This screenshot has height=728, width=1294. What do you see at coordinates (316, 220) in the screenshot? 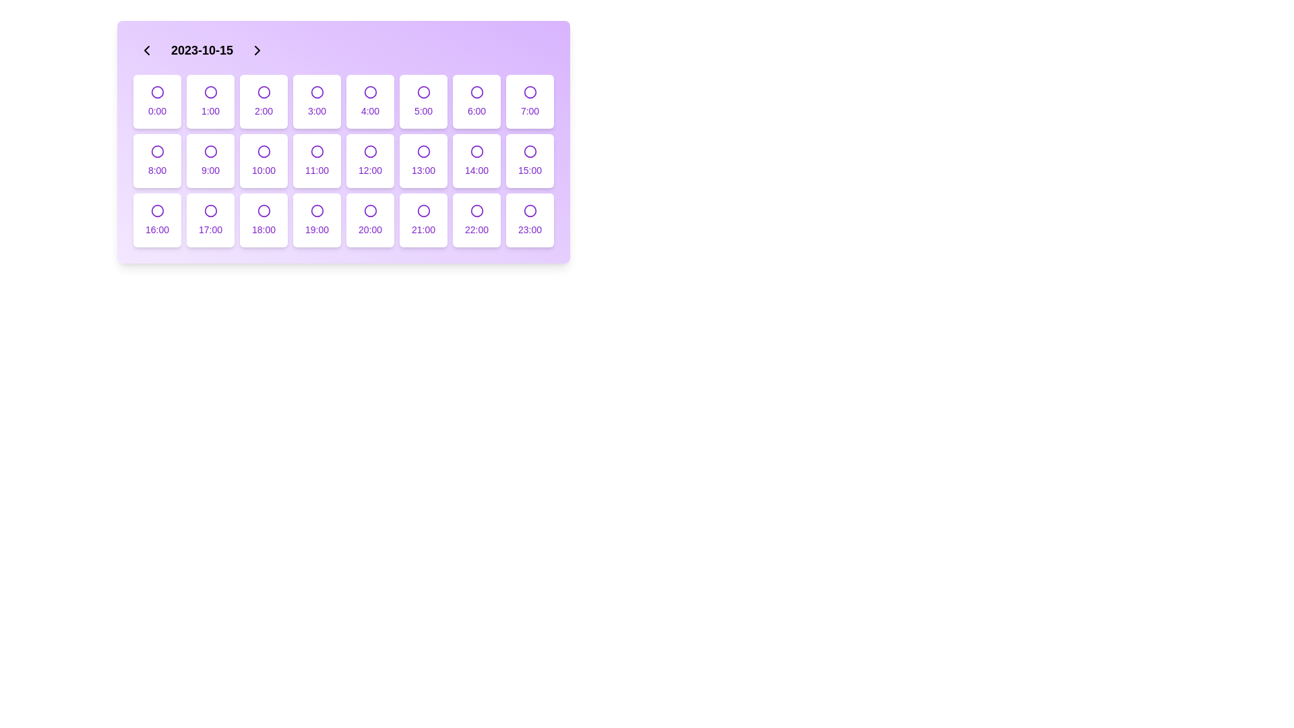
I see `the selectable time slot button for 7:00 PM` at bounding box center [316, 220].